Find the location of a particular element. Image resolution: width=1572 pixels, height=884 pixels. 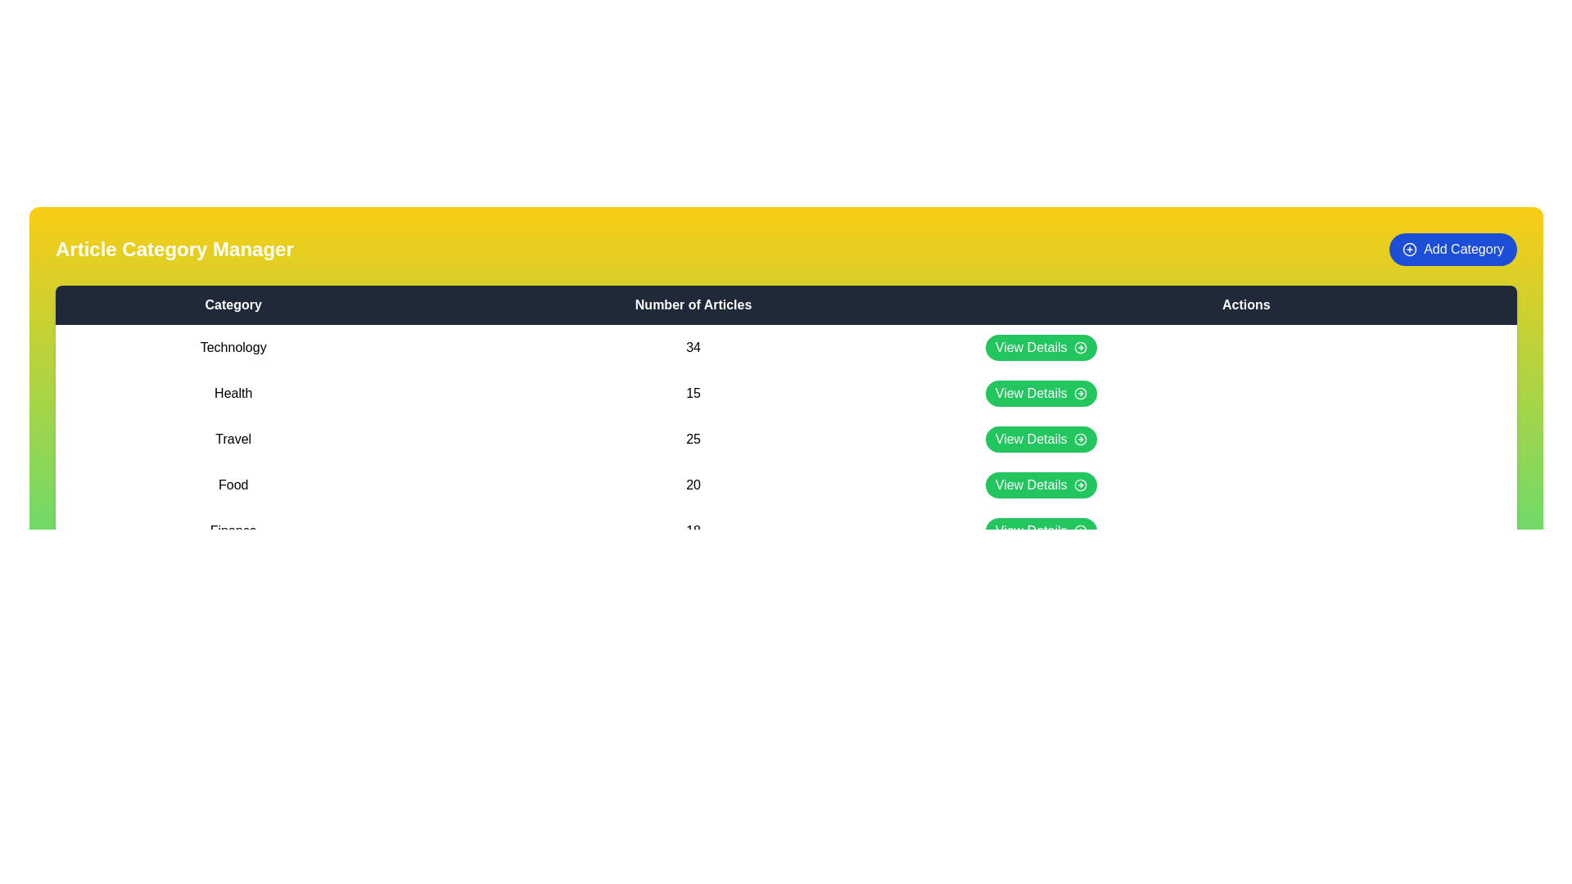

the row corresponding to the category Technology is located at coordinates (786, 346).